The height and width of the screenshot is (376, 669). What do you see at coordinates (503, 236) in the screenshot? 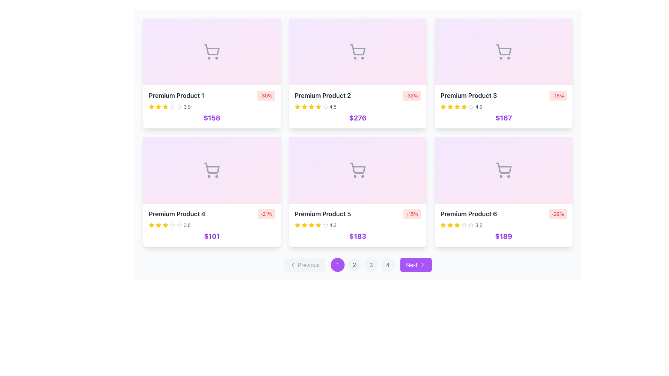
I see `the price label displaying '$189' for the 'Premium Product 6', which is styled in bold purple text at the bottom of the product display card` at bounding box center [503, 236].